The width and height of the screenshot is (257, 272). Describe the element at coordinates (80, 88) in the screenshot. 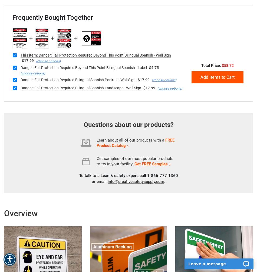

I see `'Danger: Fall Protection Required Bilingual Spanish Landscape - Wall Sign'` at that location.